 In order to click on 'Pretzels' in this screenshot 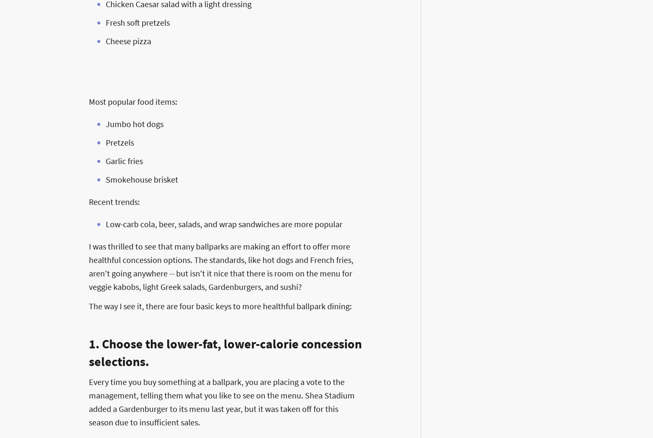, I will do `click(120, 142)`.